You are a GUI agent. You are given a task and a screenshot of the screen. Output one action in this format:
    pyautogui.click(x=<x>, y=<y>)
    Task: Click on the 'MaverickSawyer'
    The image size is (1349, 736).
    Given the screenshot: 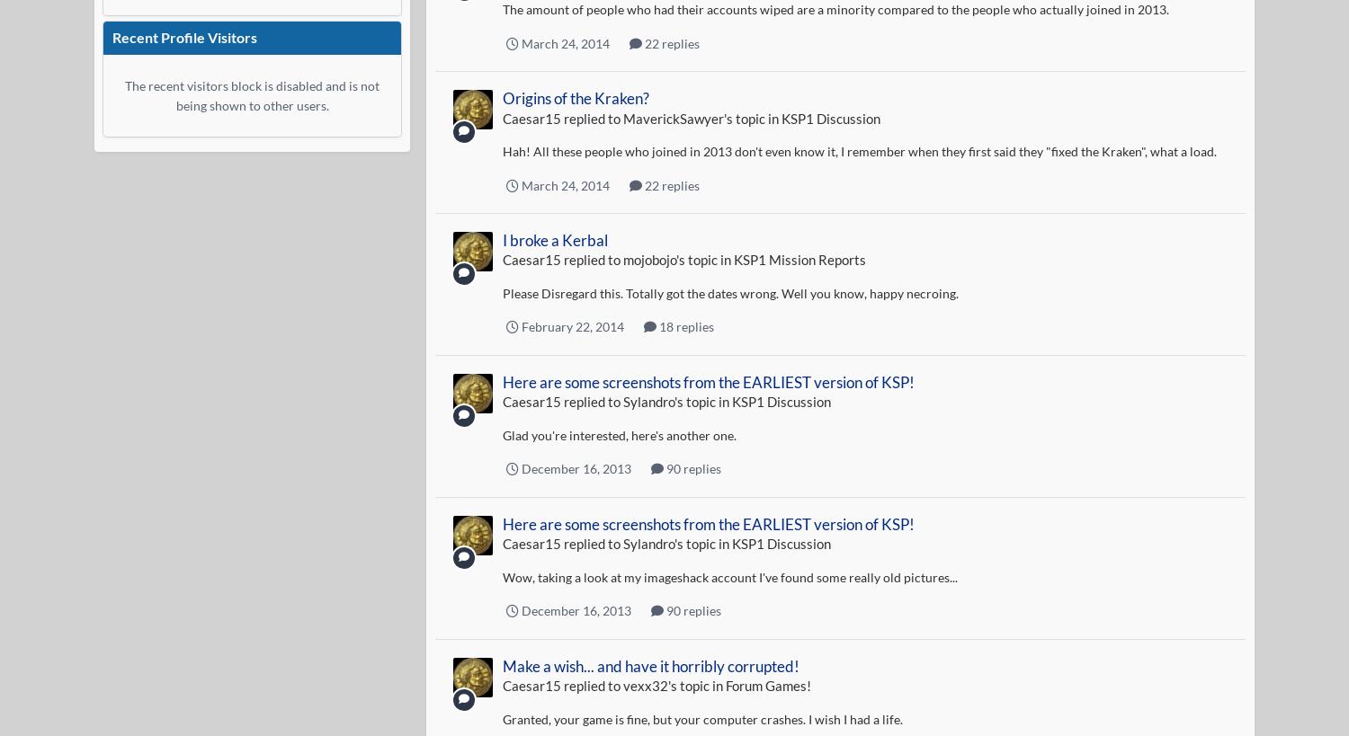 What is the action you would take?
    pyautogui.click(x=672, y=117)
    